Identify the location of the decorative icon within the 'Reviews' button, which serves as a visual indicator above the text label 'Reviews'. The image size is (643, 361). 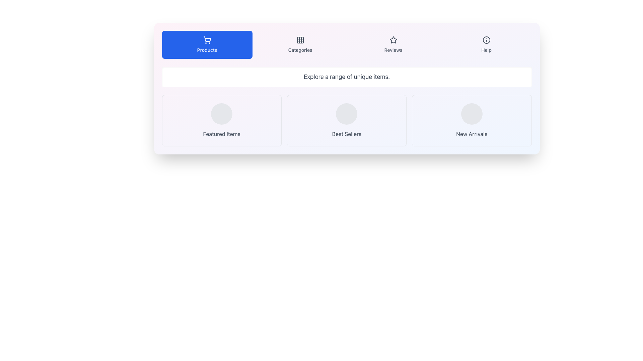
(393, 40).